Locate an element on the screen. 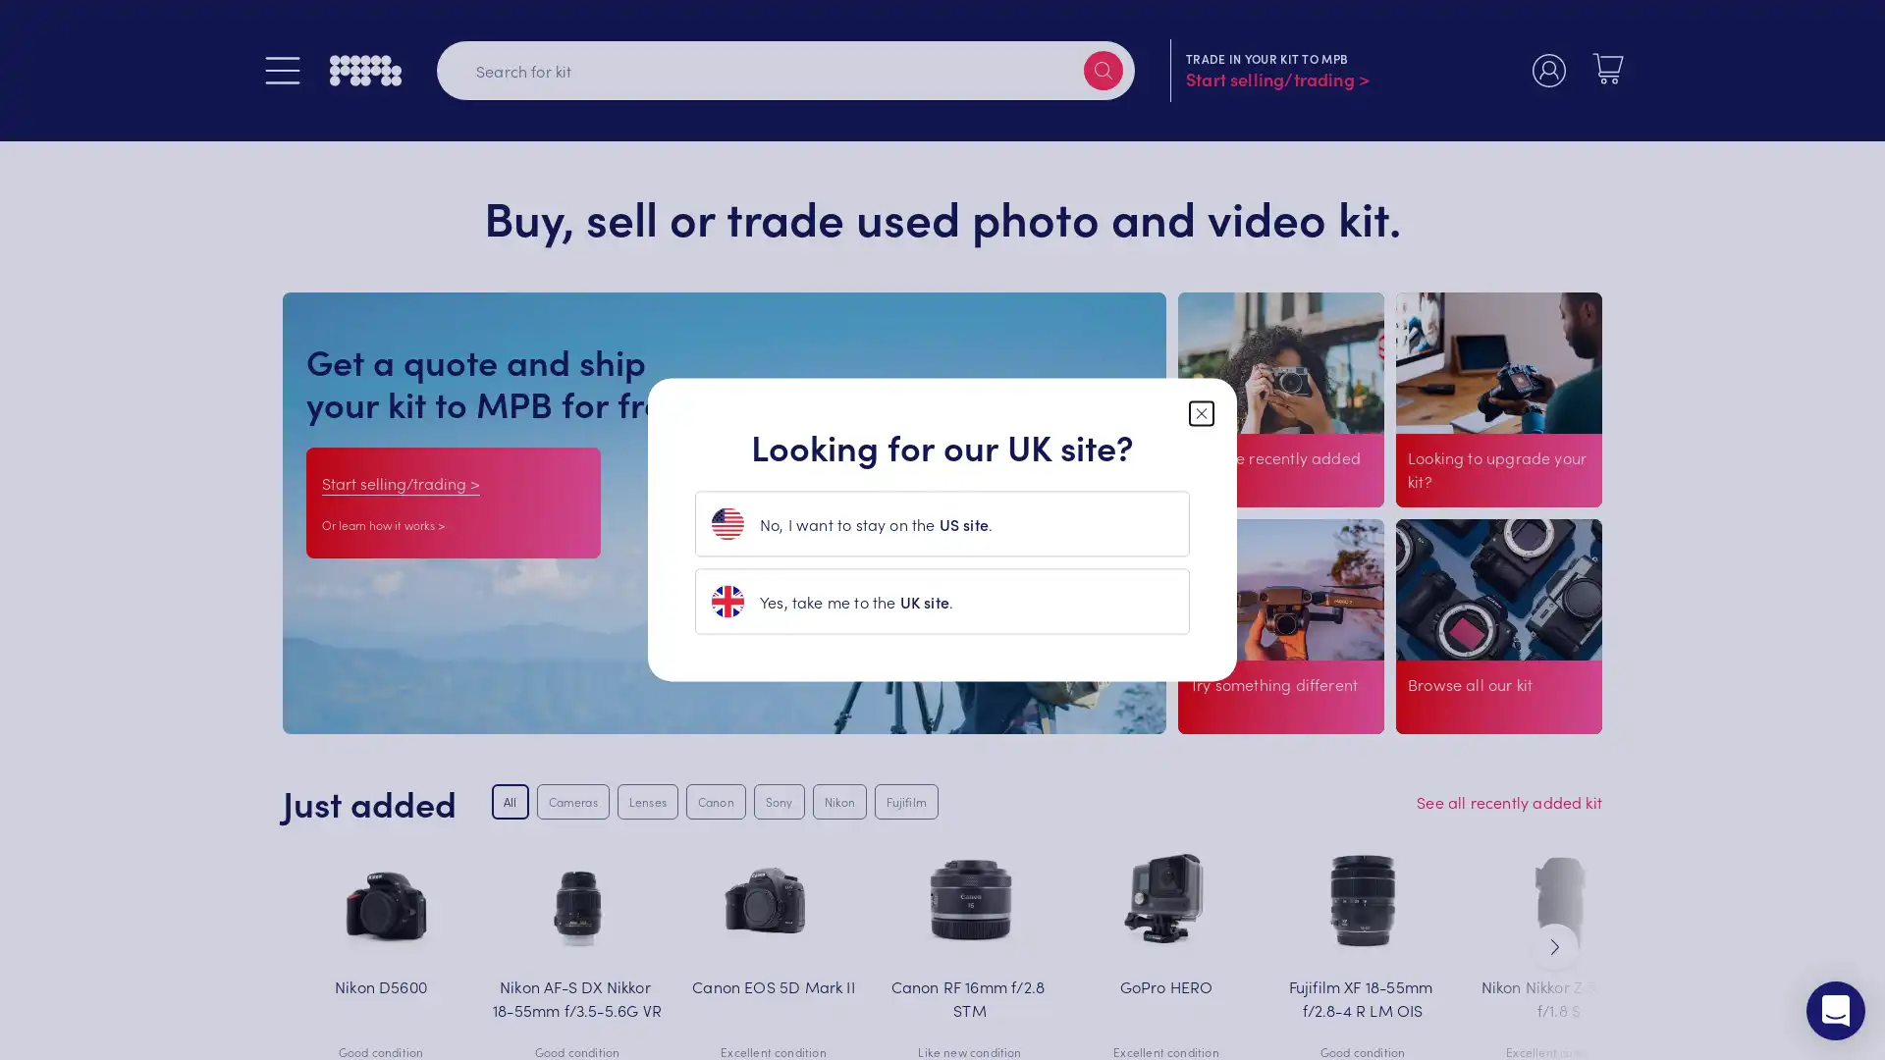  Sell or trade is located at coordinates (1461, 509).